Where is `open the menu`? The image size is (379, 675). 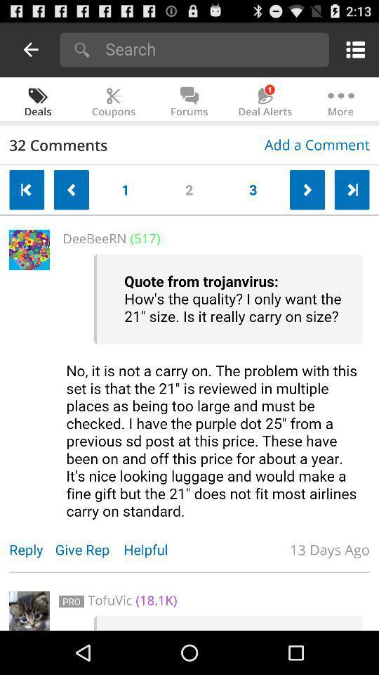 open the menu is located at coordinates (352, 49).